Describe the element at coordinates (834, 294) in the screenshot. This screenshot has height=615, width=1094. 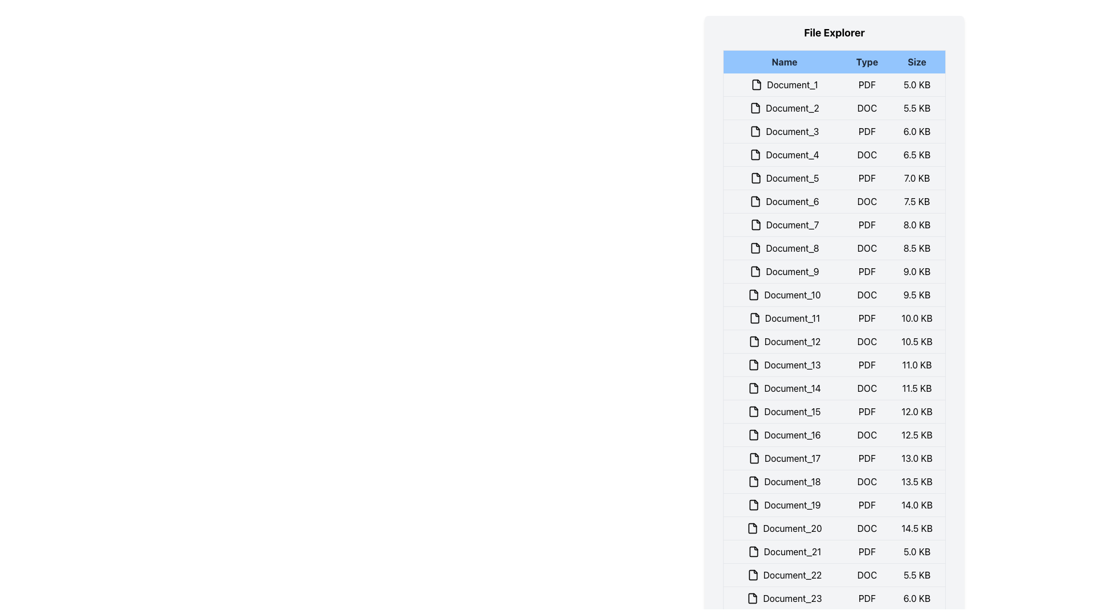
I see `the row entry in the file explorer table that displays the document named 'Document_10'` at that location.